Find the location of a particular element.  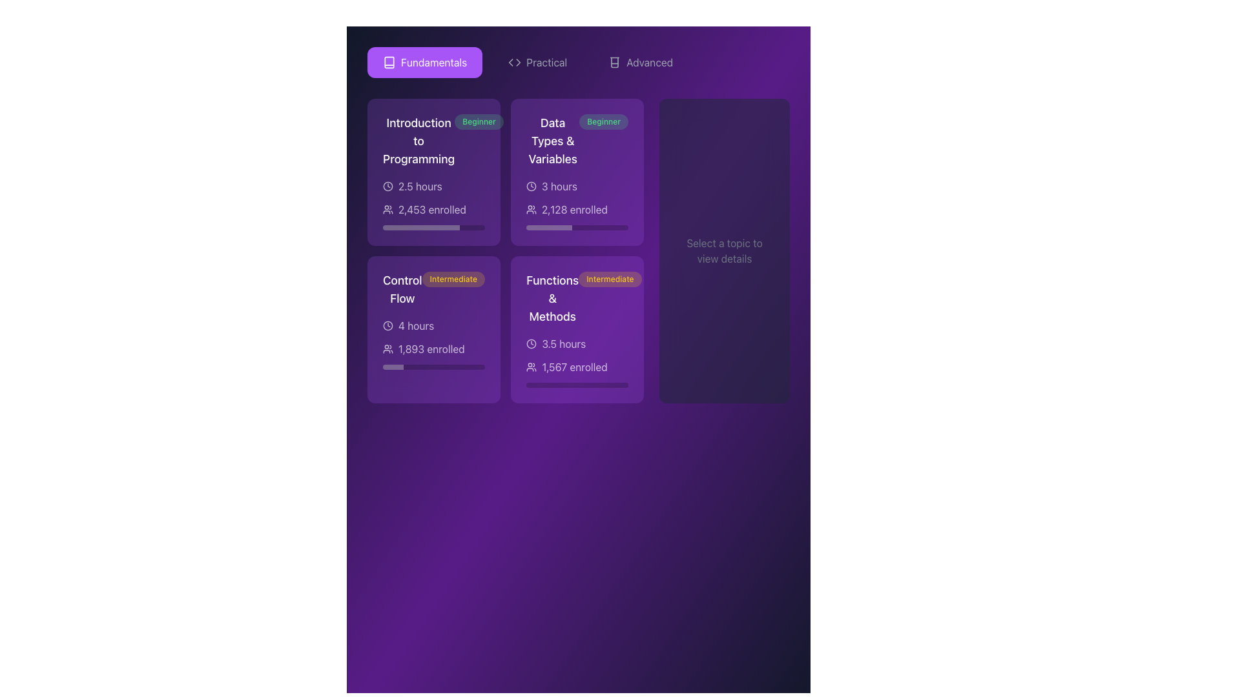

the static text element that serves as a placeholder for guiding users to select a topic, located in the rightmost column of the layout is located at coordinates (725, 251).